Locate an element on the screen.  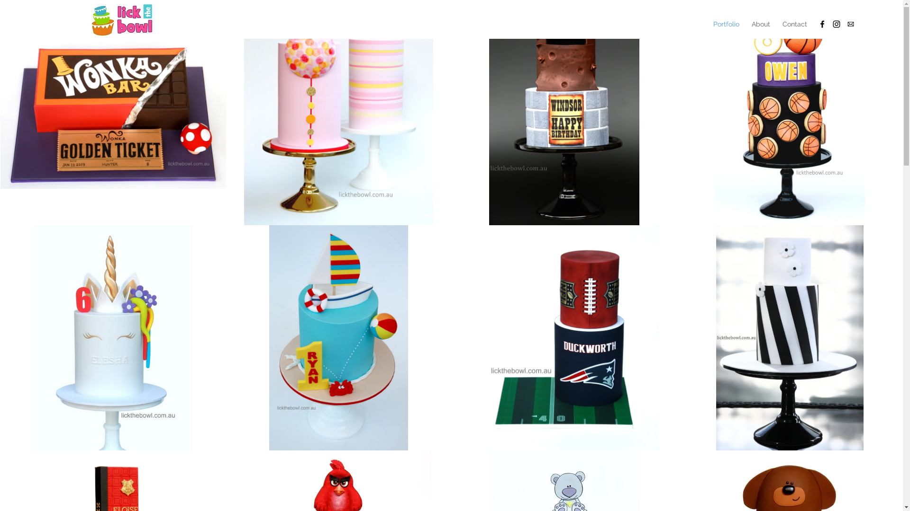
'Contact' is located at coordinates (794, 23).